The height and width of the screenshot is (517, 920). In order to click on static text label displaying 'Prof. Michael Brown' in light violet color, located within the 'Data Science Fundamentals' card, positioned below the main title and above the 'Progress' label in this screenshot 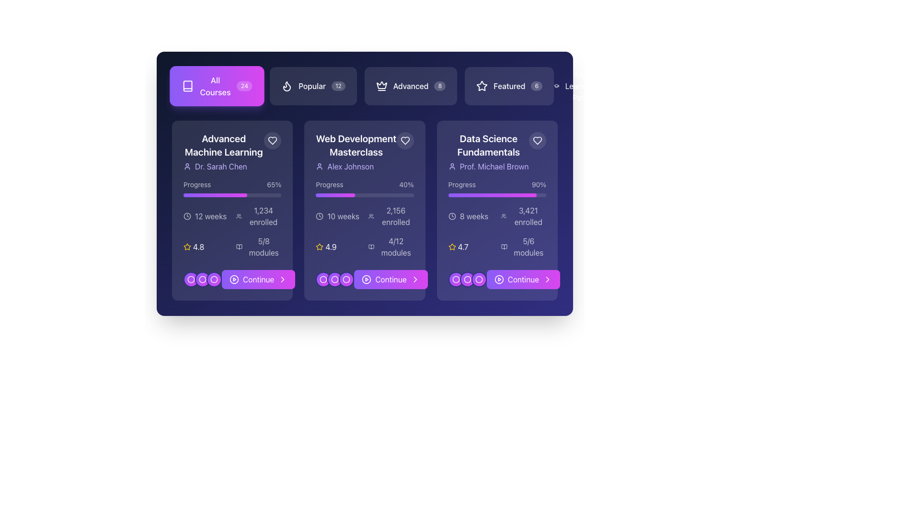, I will do `click(494, 166)`.